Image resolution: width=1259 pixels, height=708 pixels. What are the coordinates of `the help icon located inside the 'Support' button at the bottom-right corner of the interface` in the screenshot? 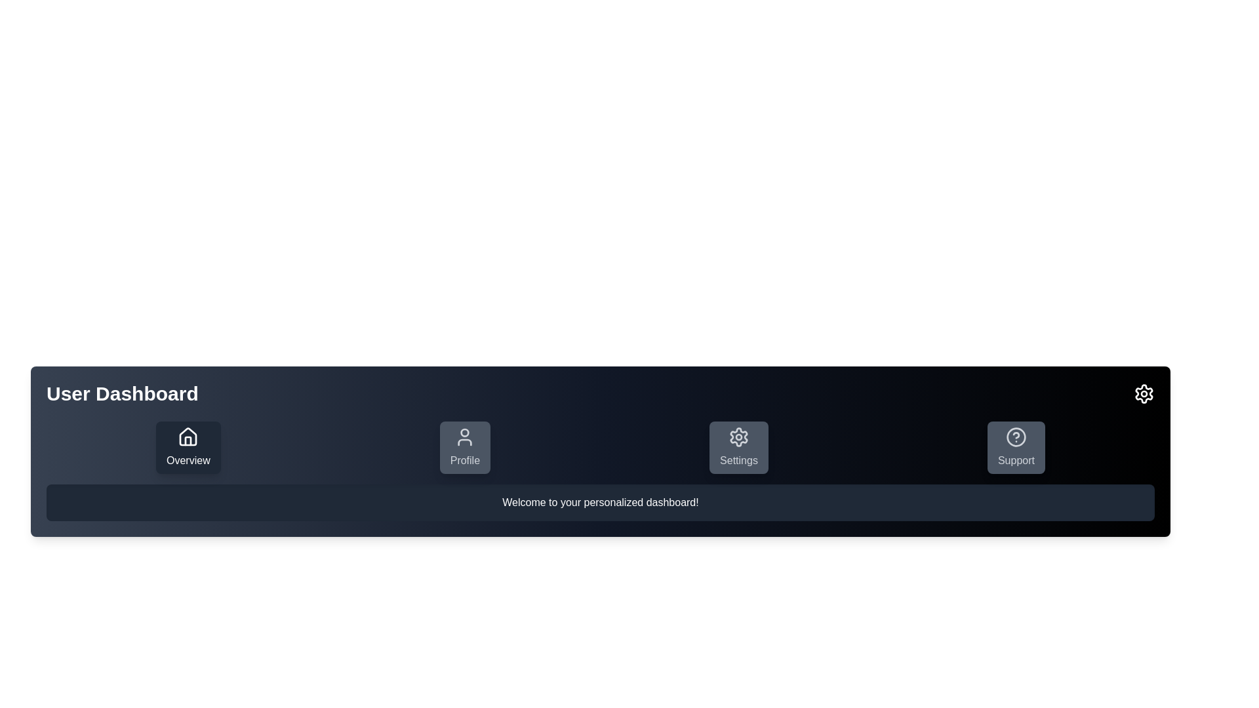 It's located at (1016, 437).